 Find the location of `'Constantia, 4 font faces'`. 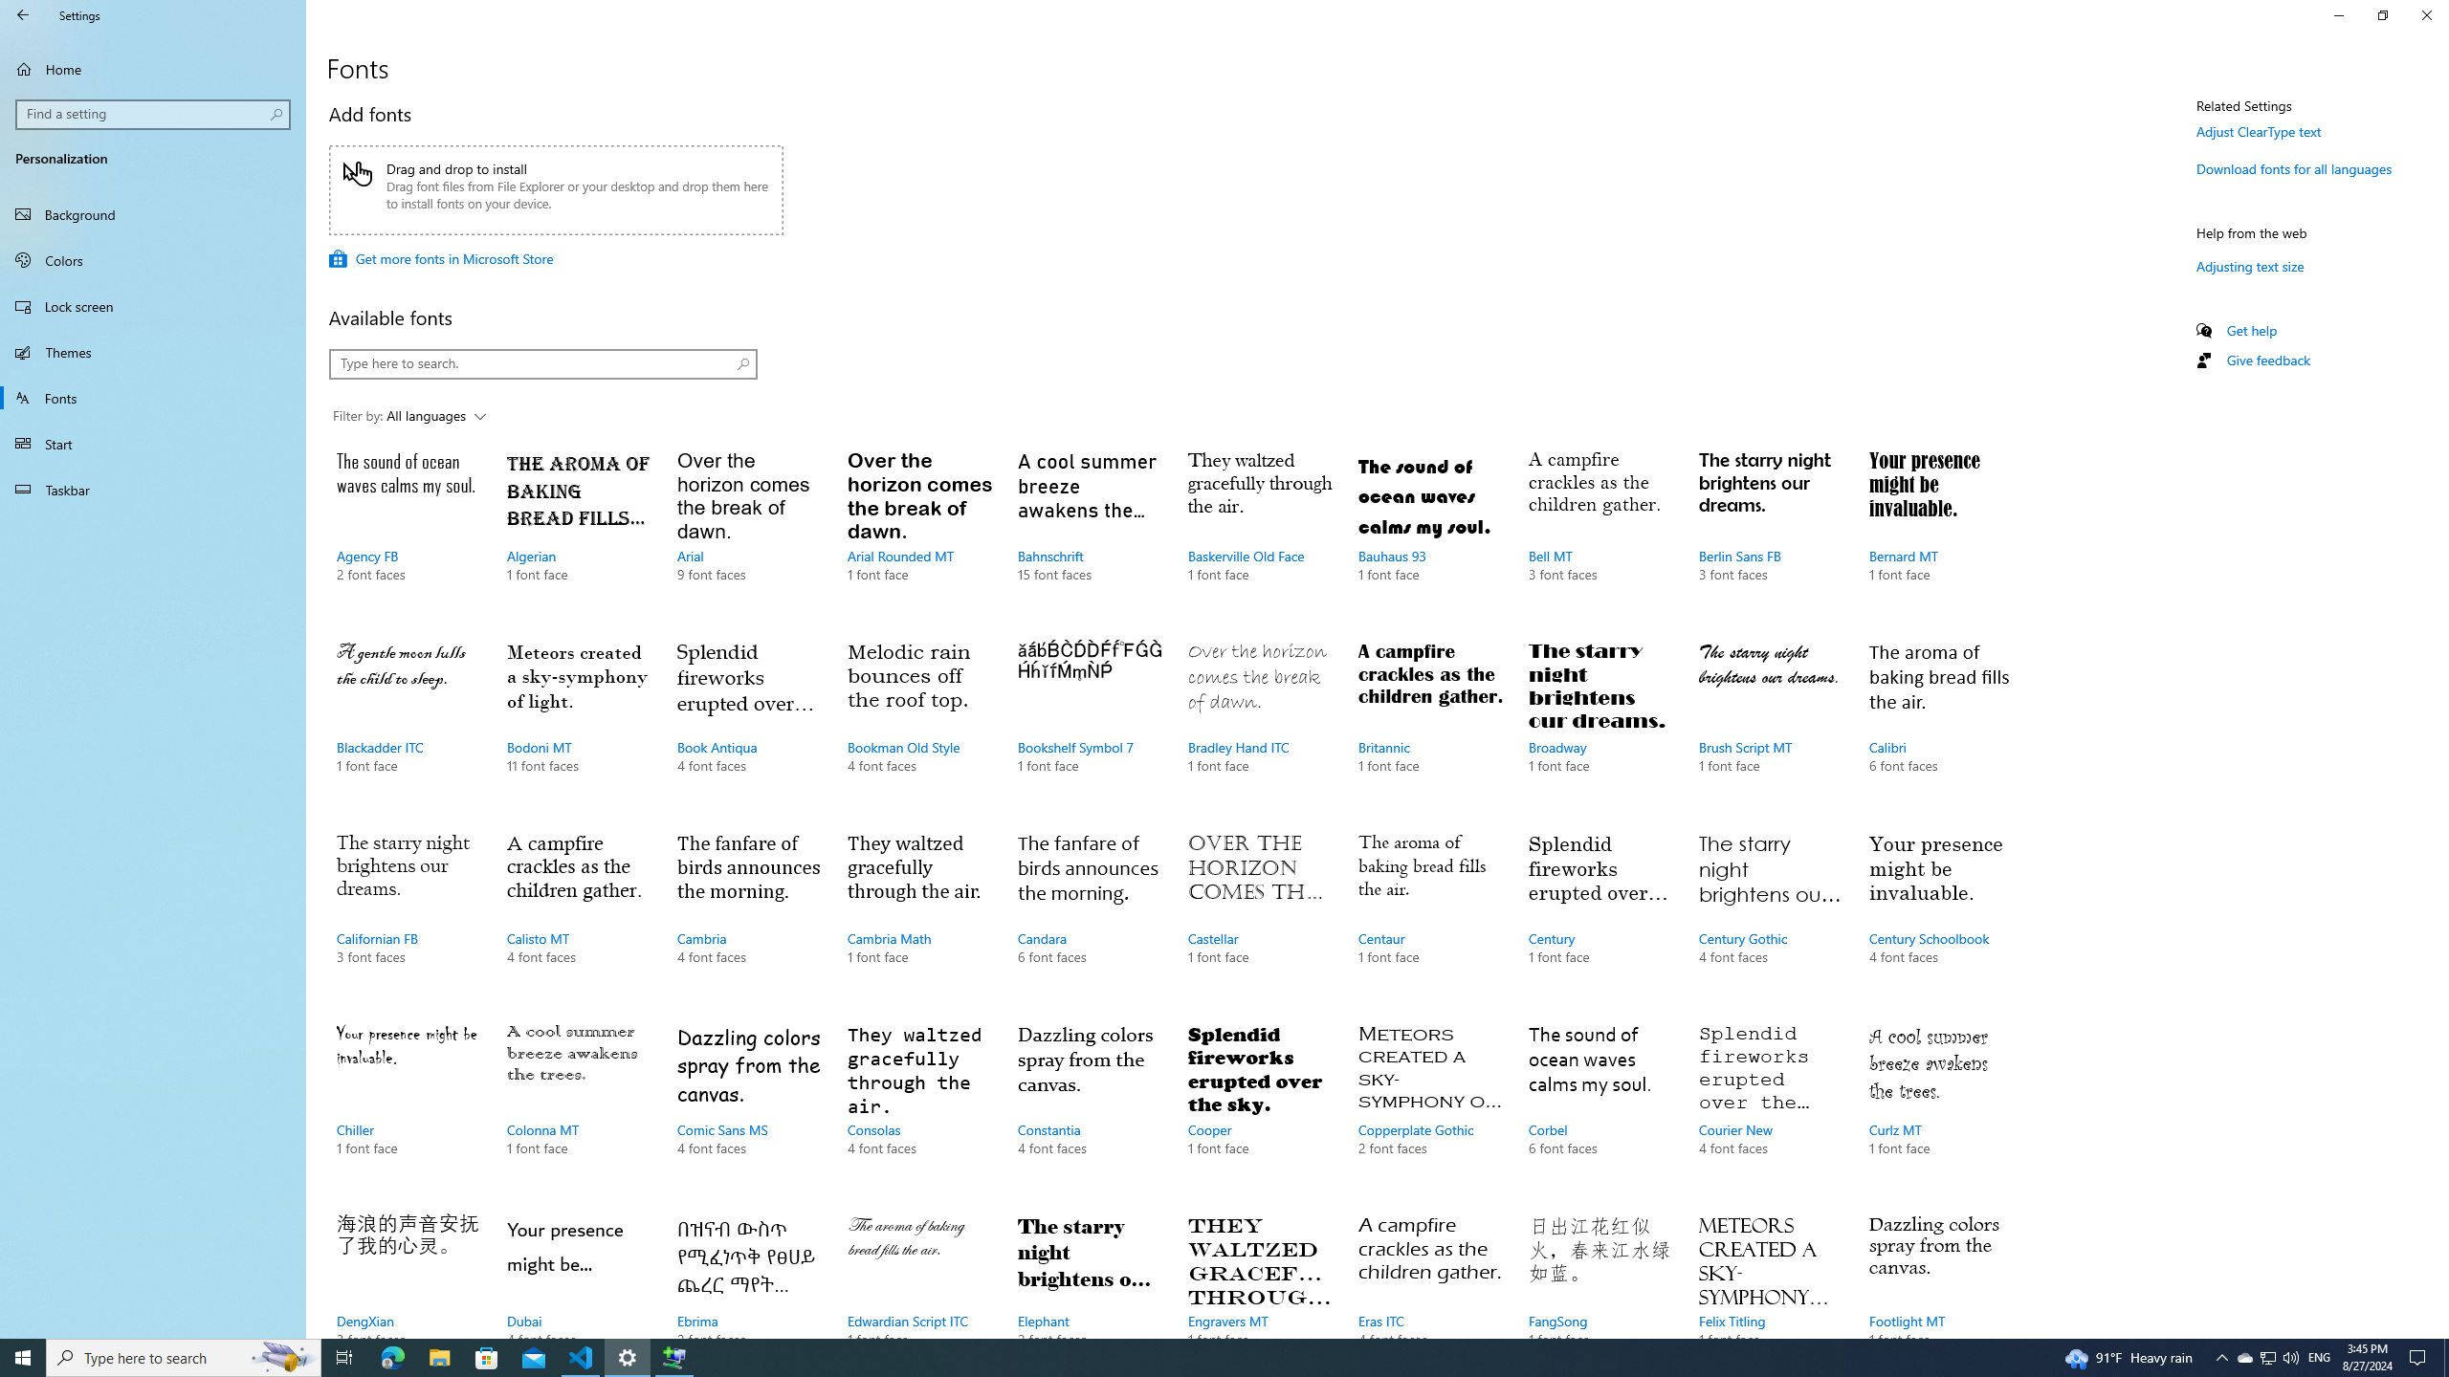

'Constantia, 4 font faces' is located at coordinates (1089, 1107).